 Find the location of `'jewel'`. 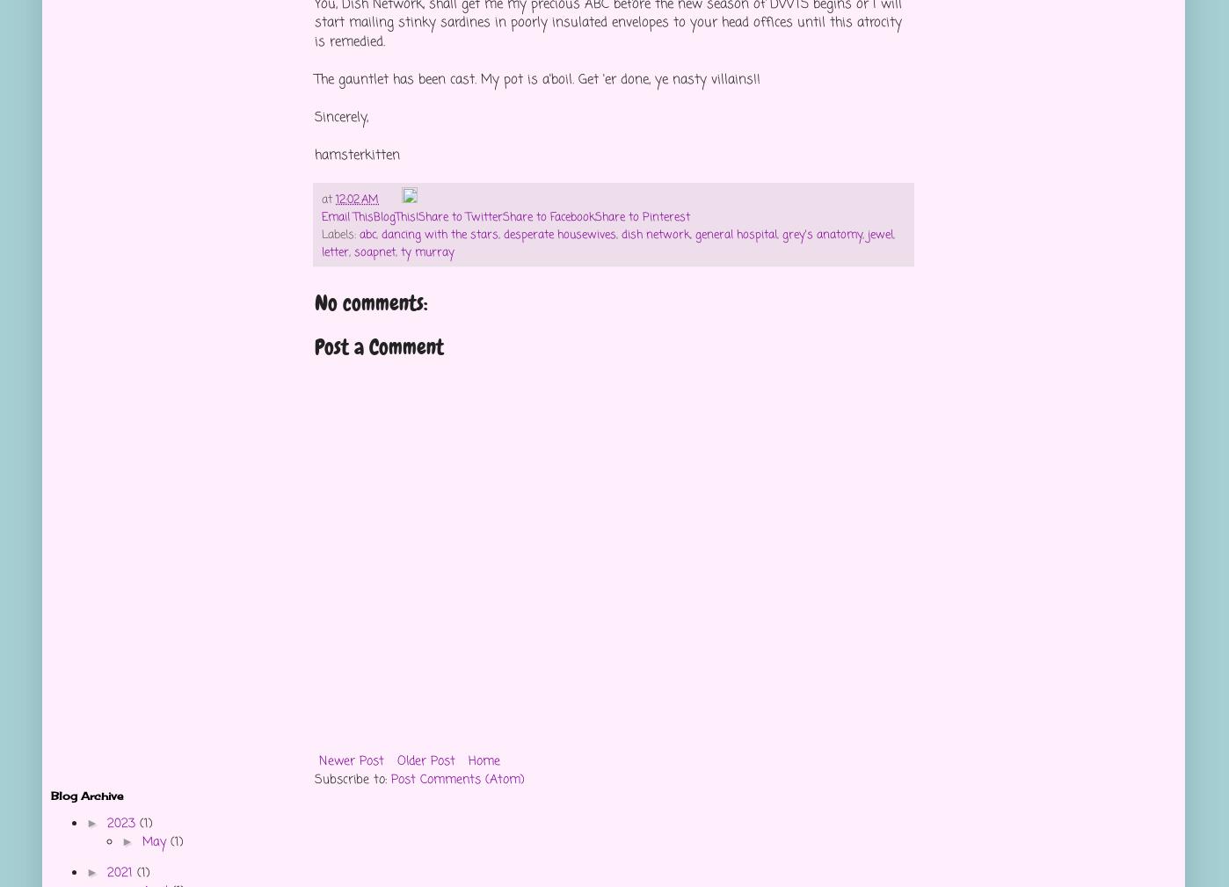

'jewel' is located at coordinates (880, 233).